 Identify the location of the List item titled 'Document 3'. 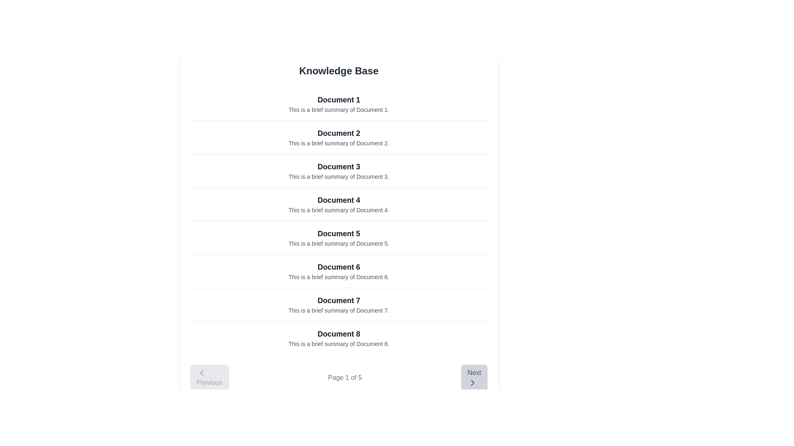
(339, 170).